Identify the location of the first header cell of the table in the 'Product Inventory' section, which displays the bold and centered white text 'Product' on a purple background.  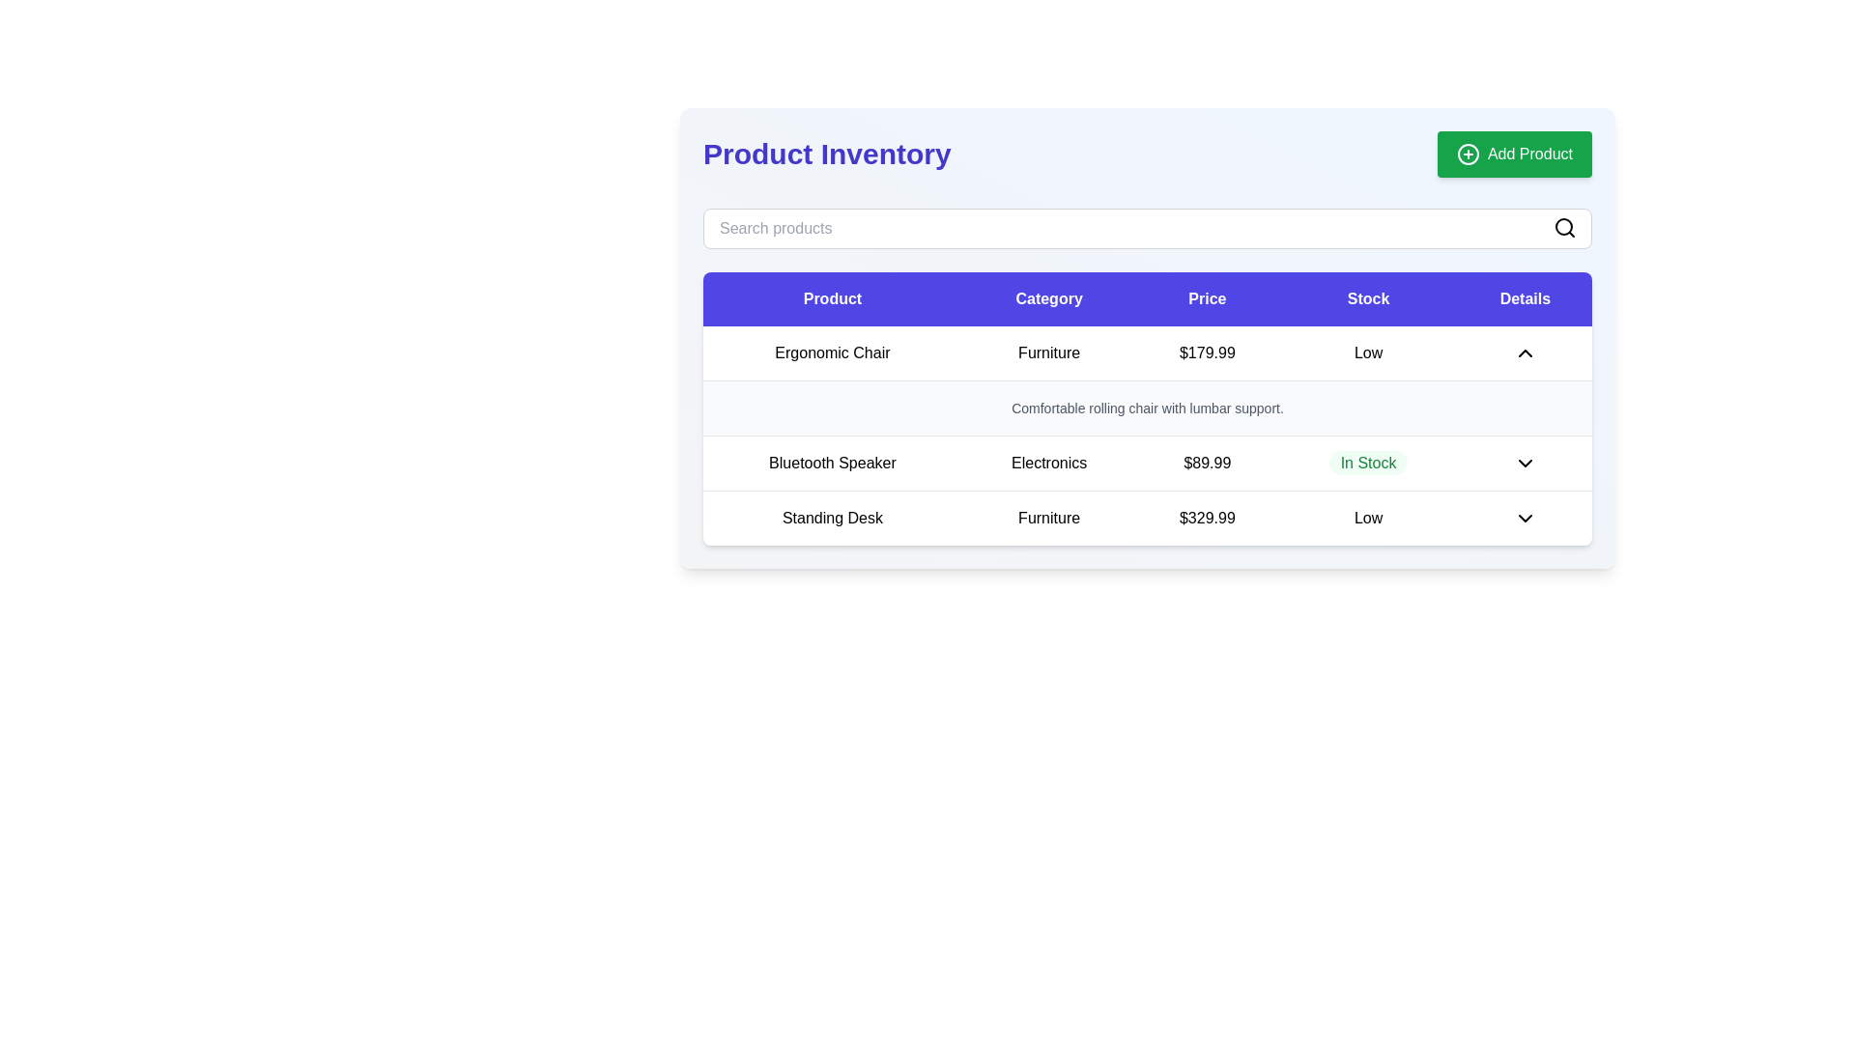
(832, 298).